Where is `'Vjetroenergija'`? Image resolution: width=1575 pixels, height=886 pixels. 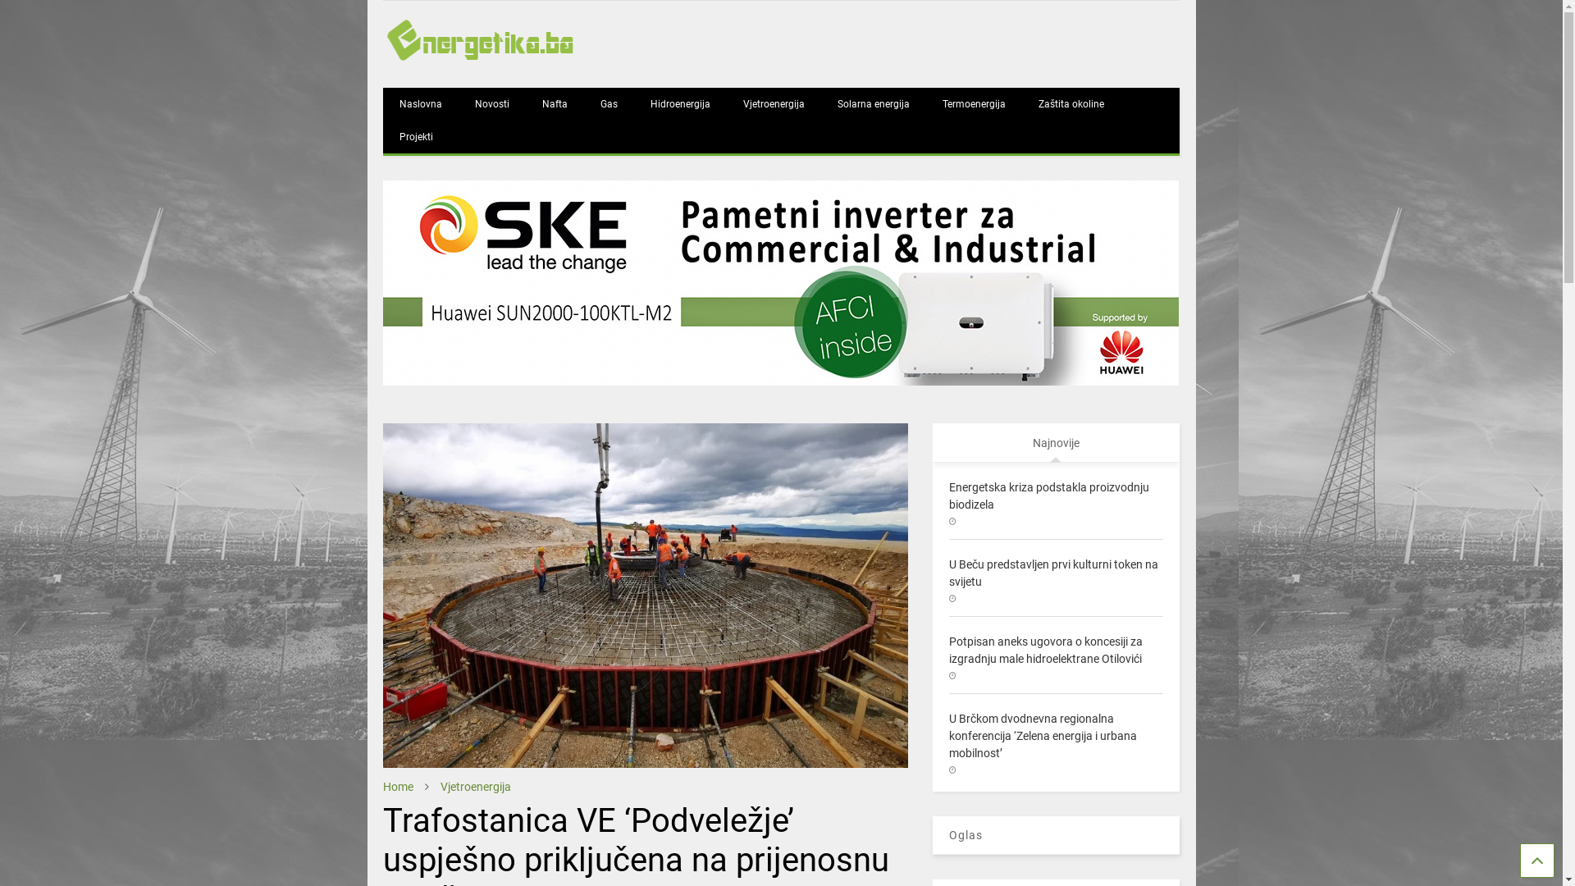 'Vjetroenergija' is located at coordinates (475, 786).